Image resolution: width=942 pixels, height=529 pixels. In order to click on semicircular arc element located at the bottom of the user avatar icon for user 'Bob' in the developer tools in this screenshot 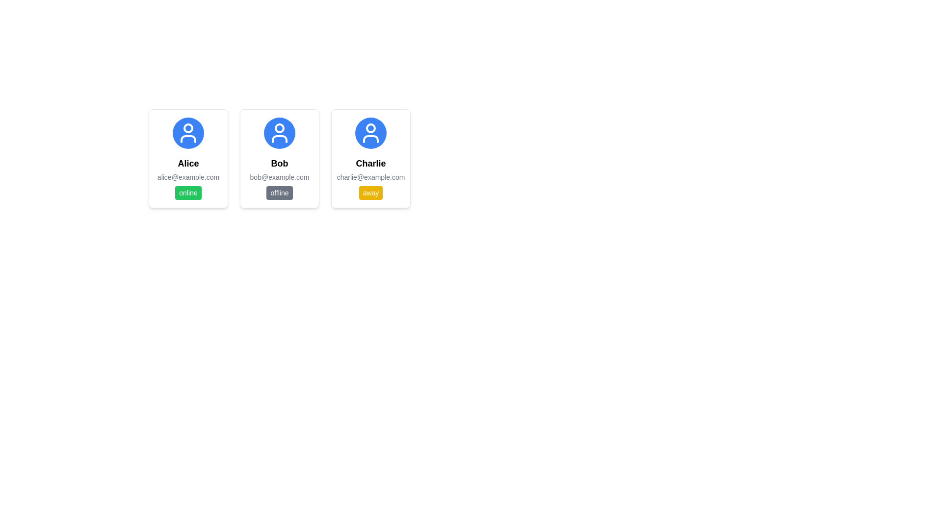, I will do `click(279, 139)`.